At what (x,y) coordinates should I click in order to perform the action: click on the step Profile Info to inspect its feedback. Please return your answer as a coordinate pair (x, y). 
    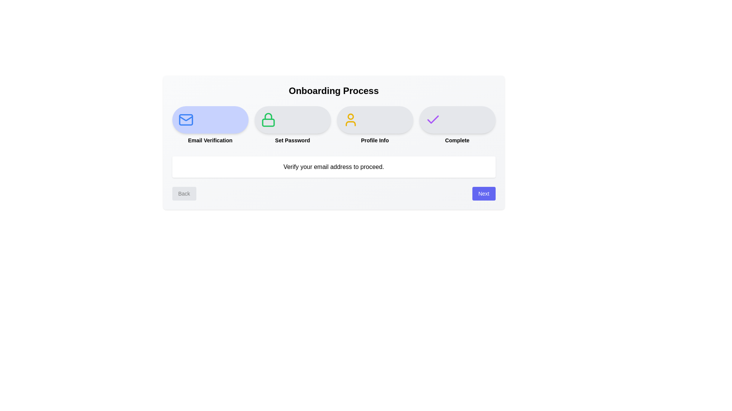
    Looking at the image, I should click on (375, 120).